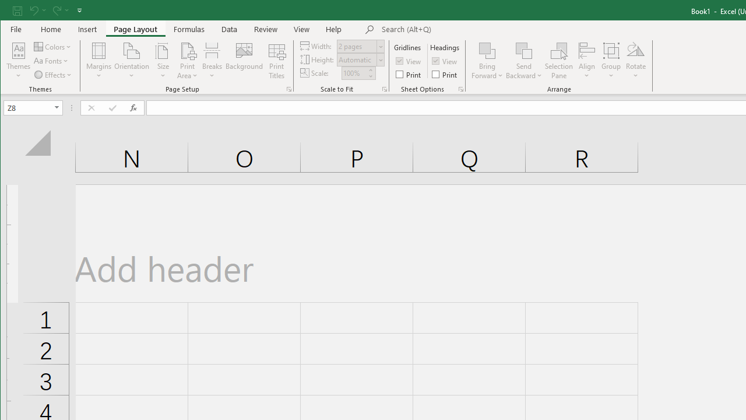 This screenshot has width=746, height=420. Describe the element at coordinates (360, 60) in the screenshot. I see `'Height'` at that location.